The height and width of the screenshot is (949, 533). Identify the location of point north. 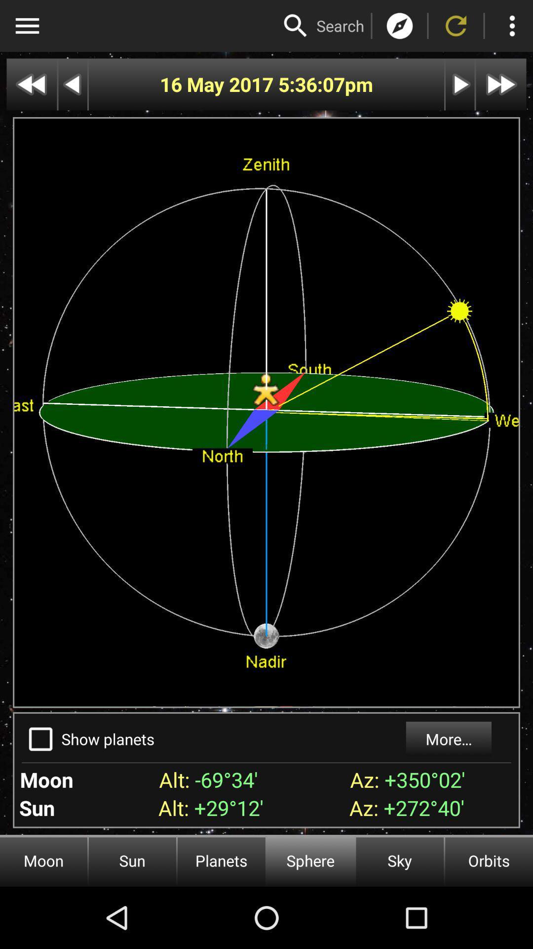
(400, 26).